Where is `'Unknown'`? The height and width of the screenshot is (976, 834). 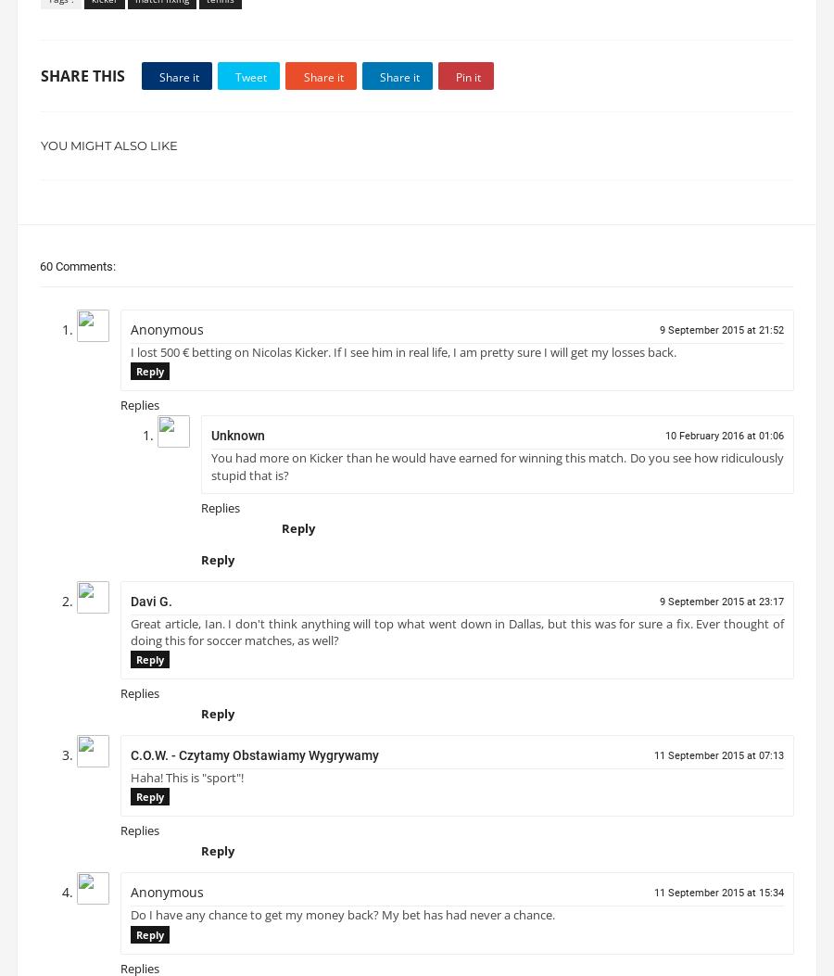 'Unknown' is located at coordinates (237, 441).